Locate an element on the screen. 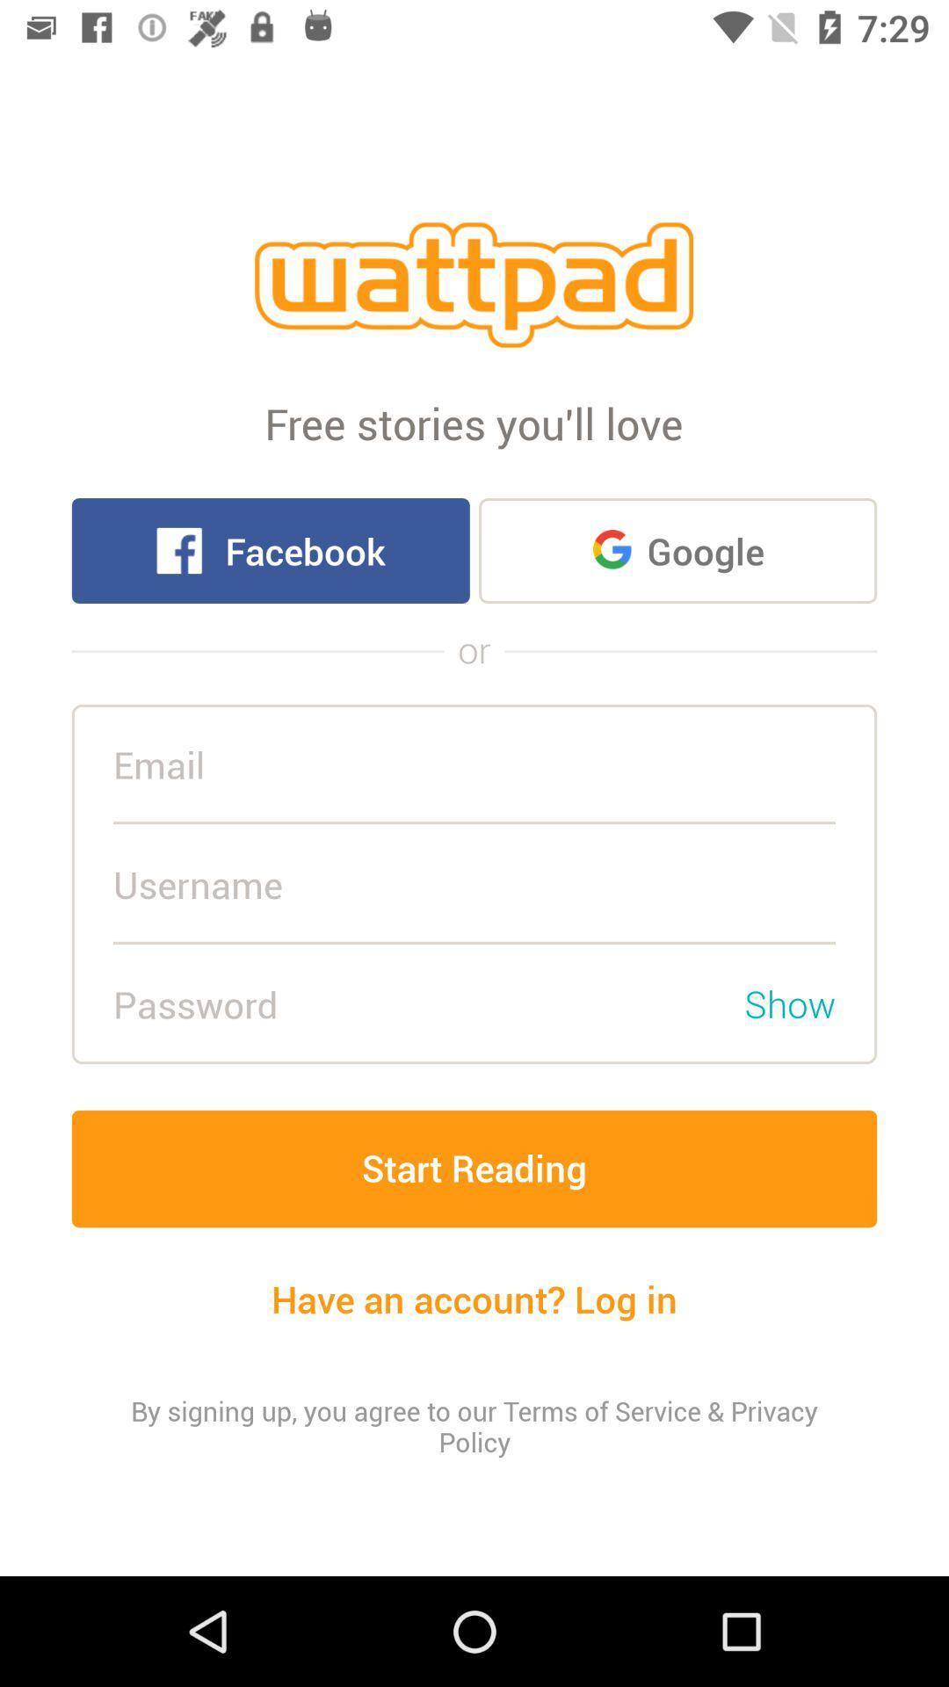  the password field is located at coordinates (422, 1004).